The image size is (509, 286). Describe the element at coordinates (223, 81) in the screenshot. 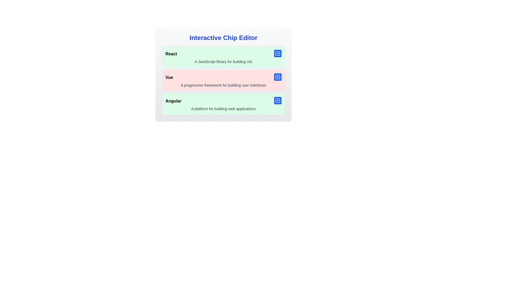

I see `the label and description of the chip item Vue` at that location.